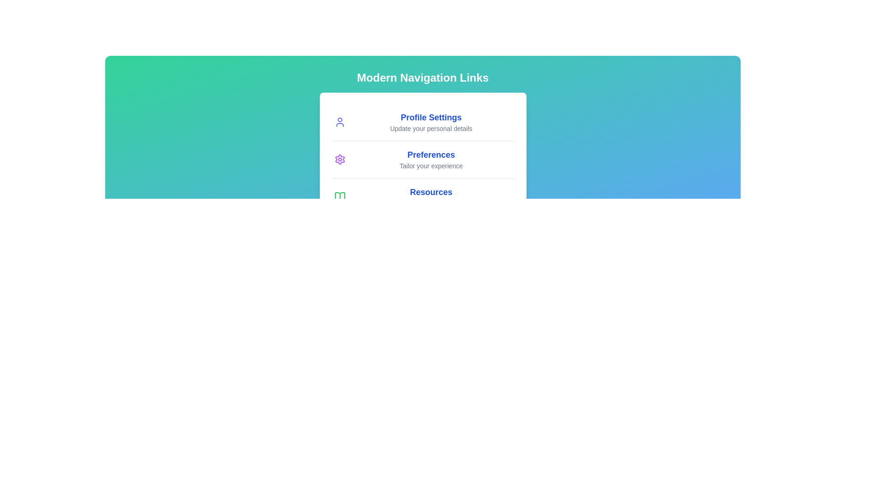 This screenshot has height=498, width=886. What do you see at coordinates (422, 159) in the screenshot?
I see `the 'Preferences' navigation link, which is the second option in the vertical list of navigation links, featuring a purple settings icon and a bold blue heading` at bounding box center [422, 159].